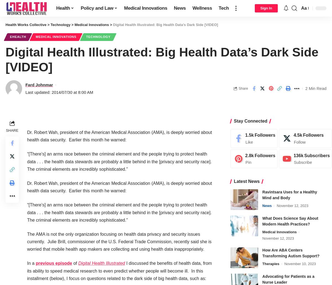 This screenshot has height=285, width=332. I want to click on 'I discussed the benefits of health data, from its ability to speed medical research to even predict whether people will become ill.  In this installment (below), I focus on questions related to the dark side of big health data, such as:', so click(119, 270).